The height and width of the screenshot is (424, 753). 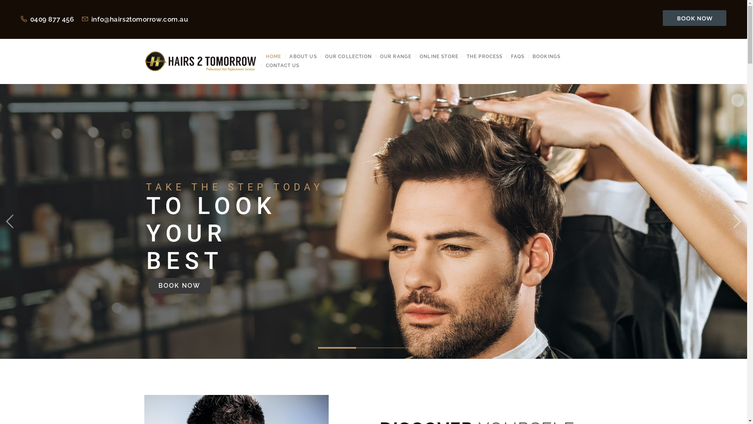 What do you see at coordinates (546, 56) in the screenshot?
I see `'BOOKINGS'` at bounding box center [546, 56].